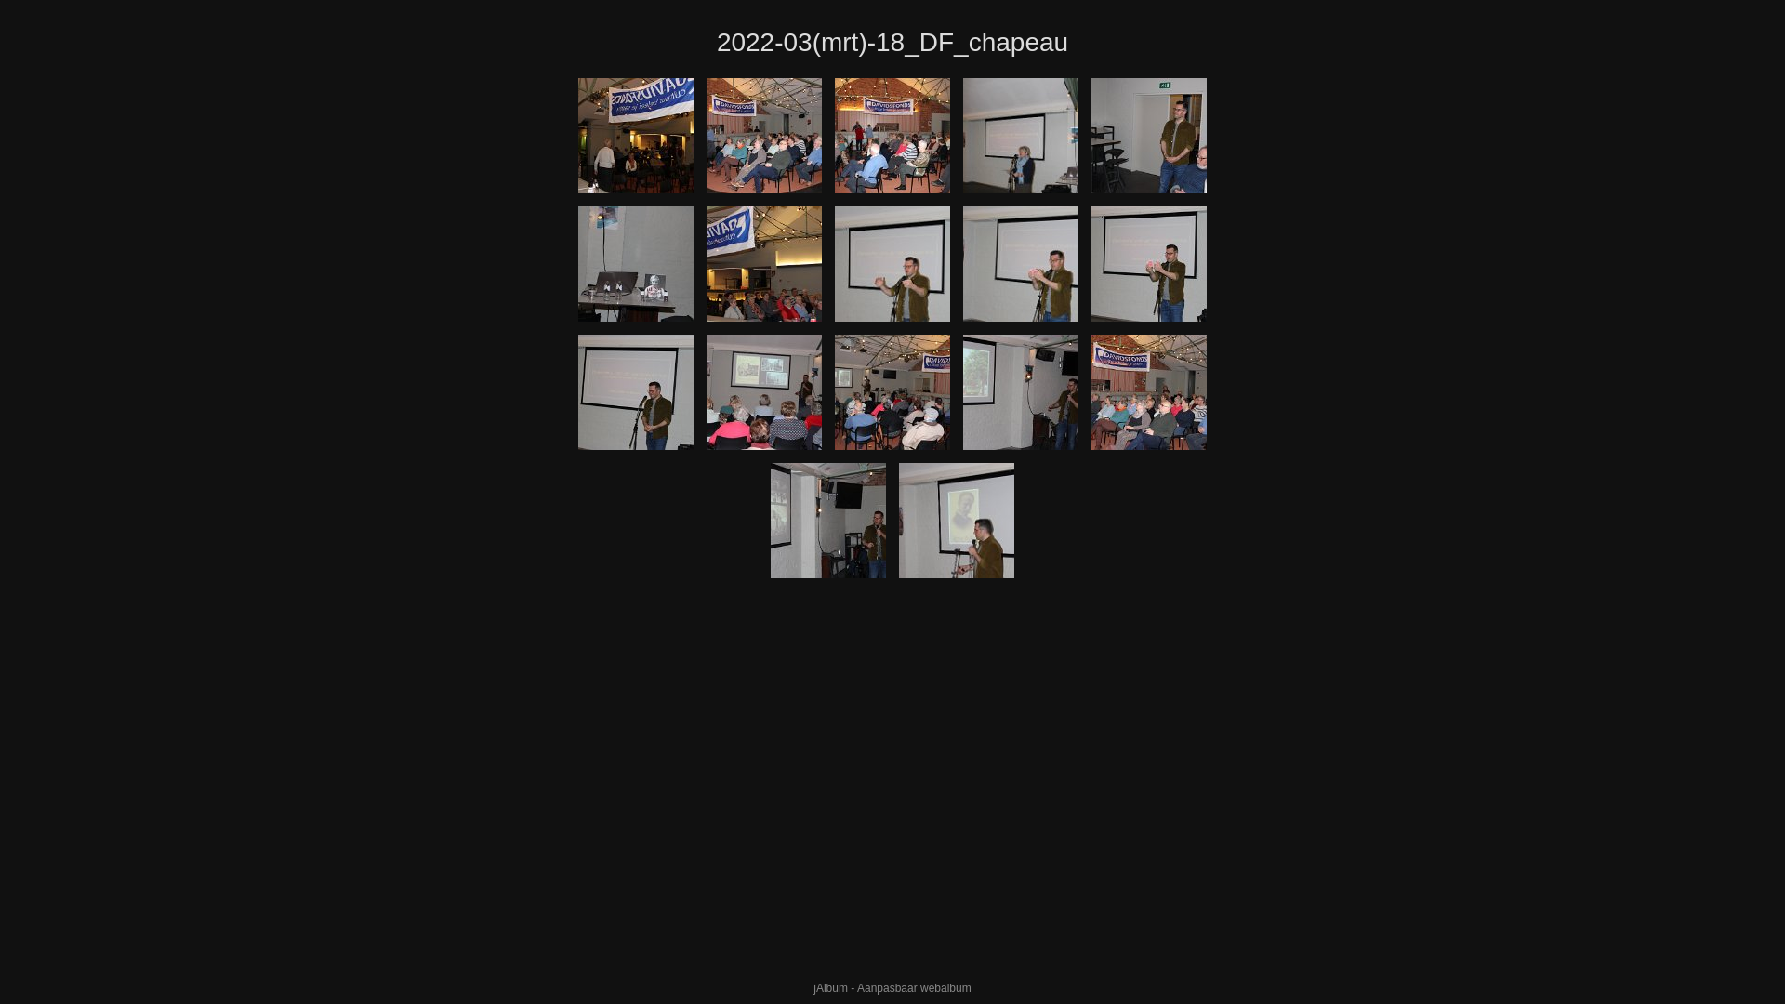  I want to click on 'jAlbum - Aanpasbaar webalbum', so click(891, 987).